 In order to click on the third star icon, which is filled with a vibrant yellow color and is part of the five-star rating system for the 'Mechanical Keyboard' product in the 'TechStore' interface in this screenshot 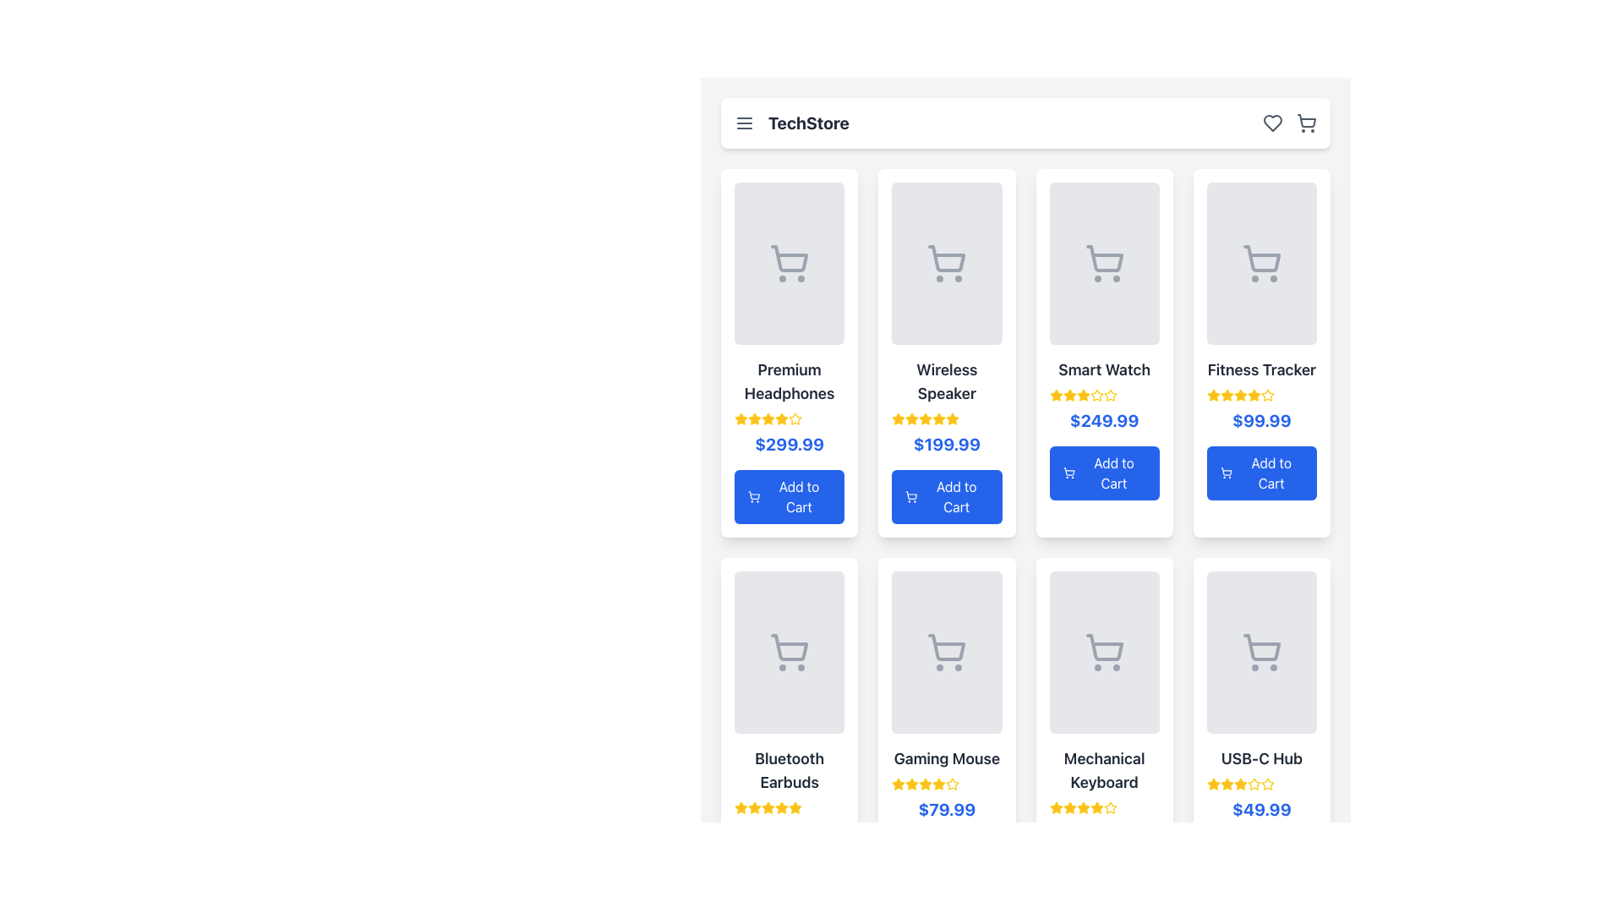, I will do `click(1068, 807)`.